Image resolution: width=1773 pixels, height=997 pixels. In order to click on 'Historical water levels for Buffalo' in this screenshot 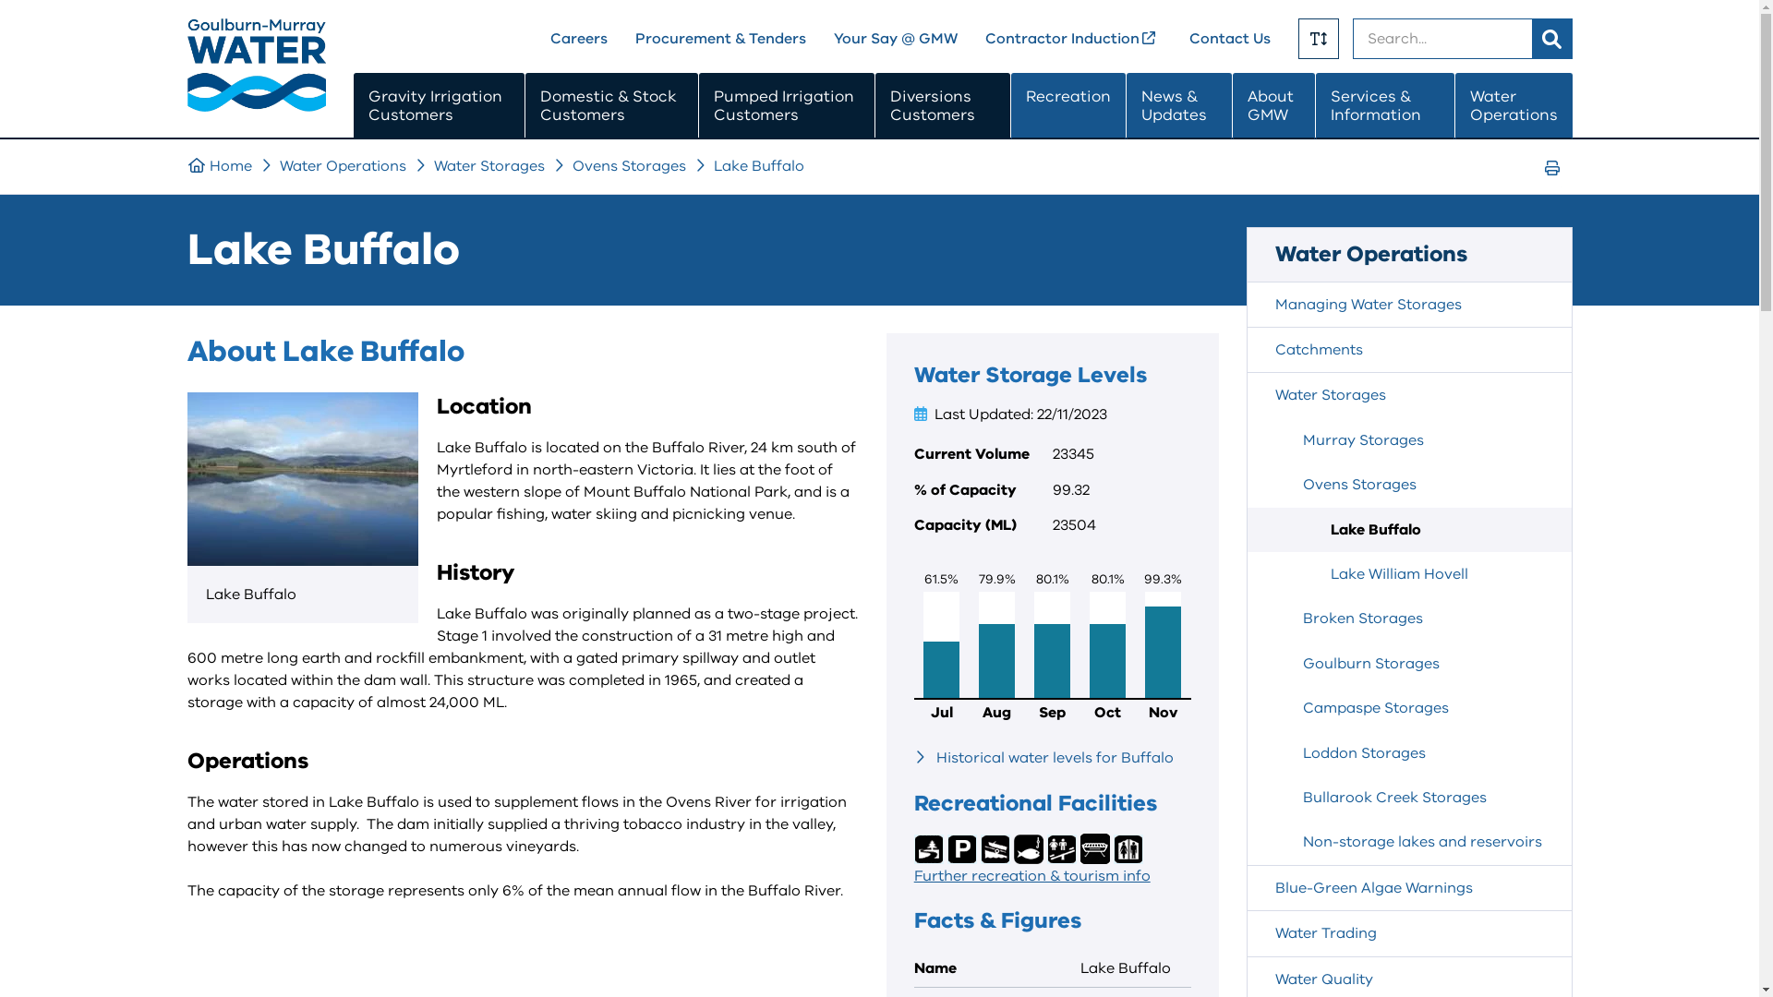, I will do `click(1055, 758)`.